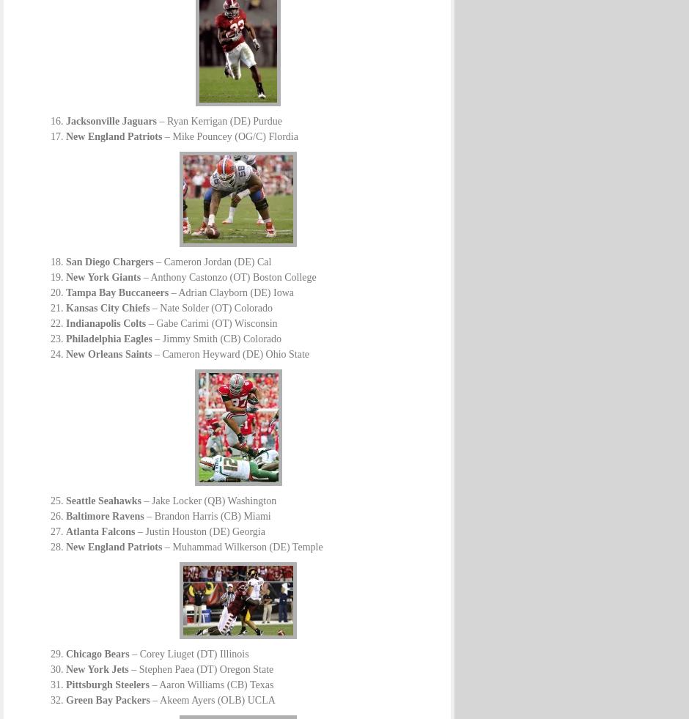 This screenshot has width=689, height=719. Describe the element at coordinates (103, 516) in the screenshot. I see `'Baltimore Ravens'` at that location.